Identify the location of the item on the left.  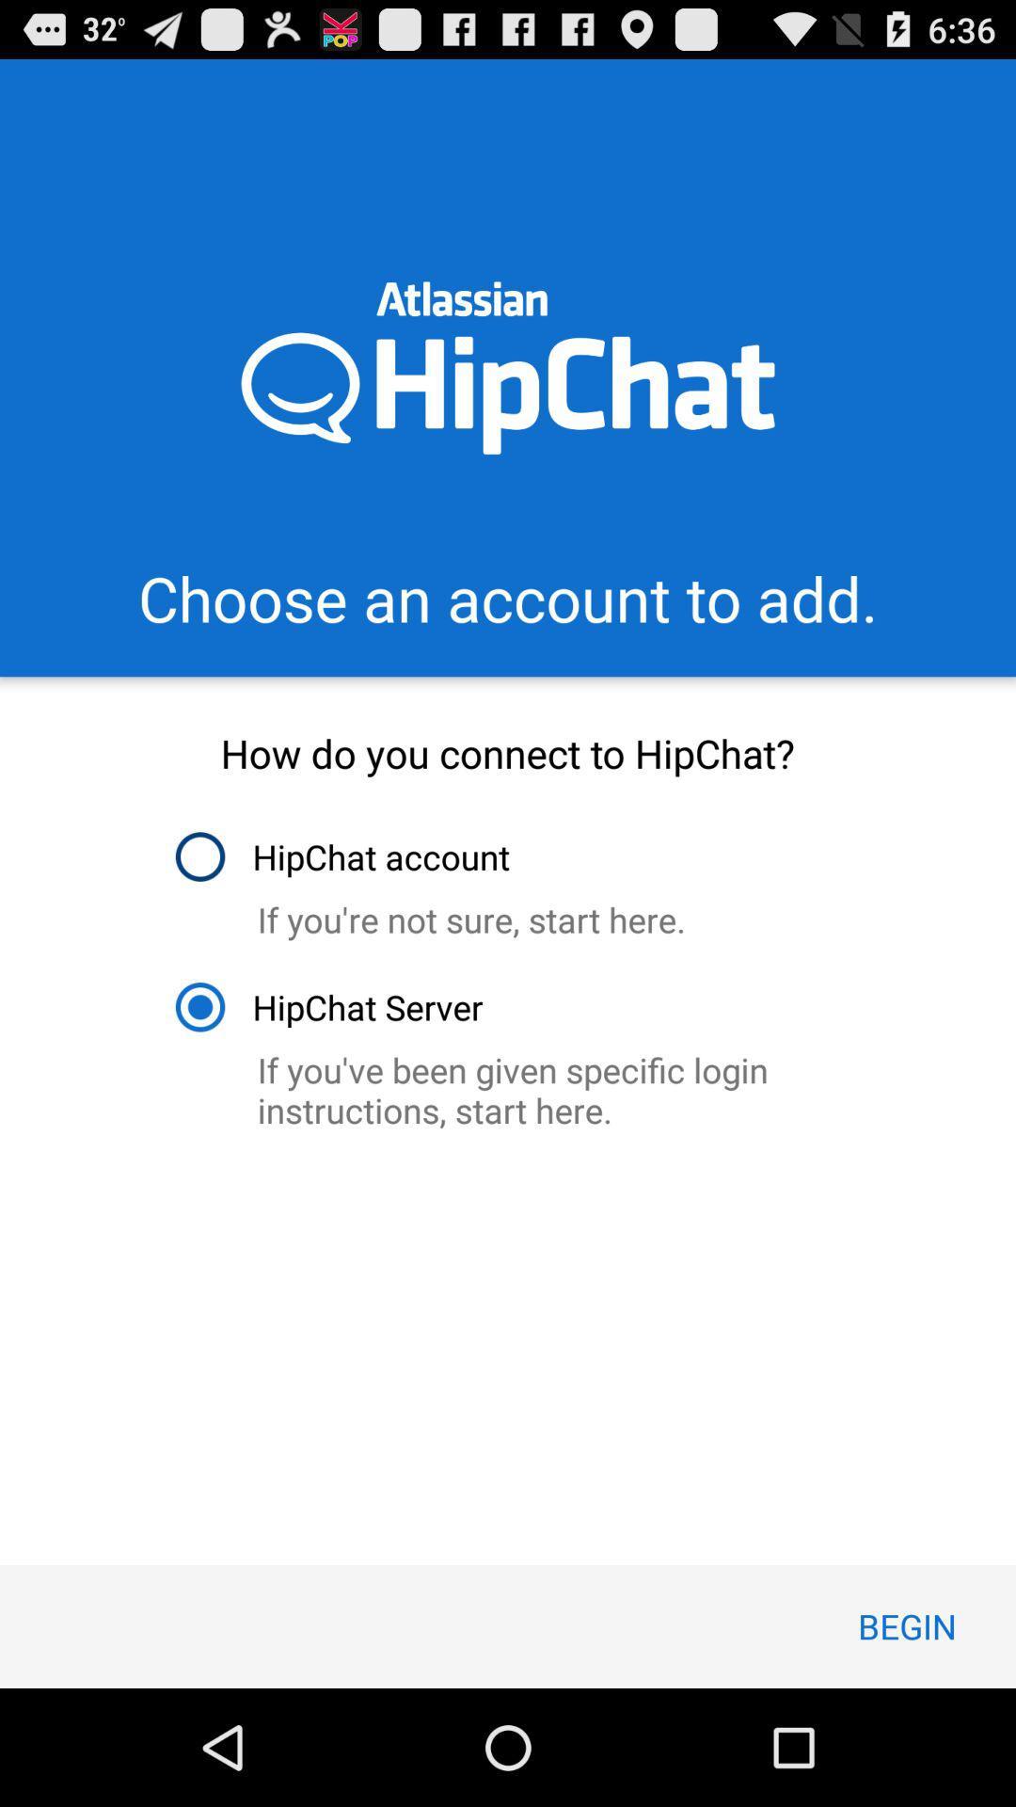
(327, 1006).